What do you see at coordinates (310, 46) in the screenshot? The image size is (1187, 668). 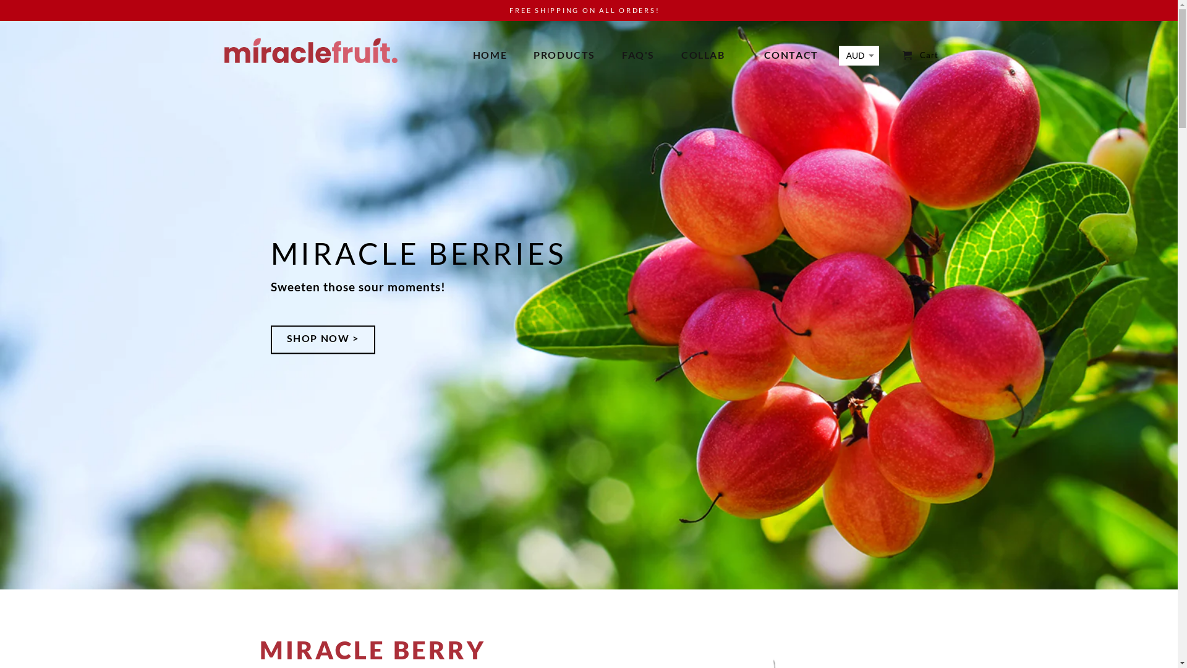 I see `'Miracle Fruit'` at bounding box center [310, 46].